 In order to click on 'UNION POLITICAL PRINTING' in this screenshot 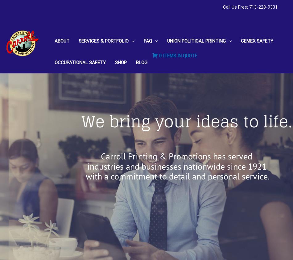, I will do `click(196, 40)`.